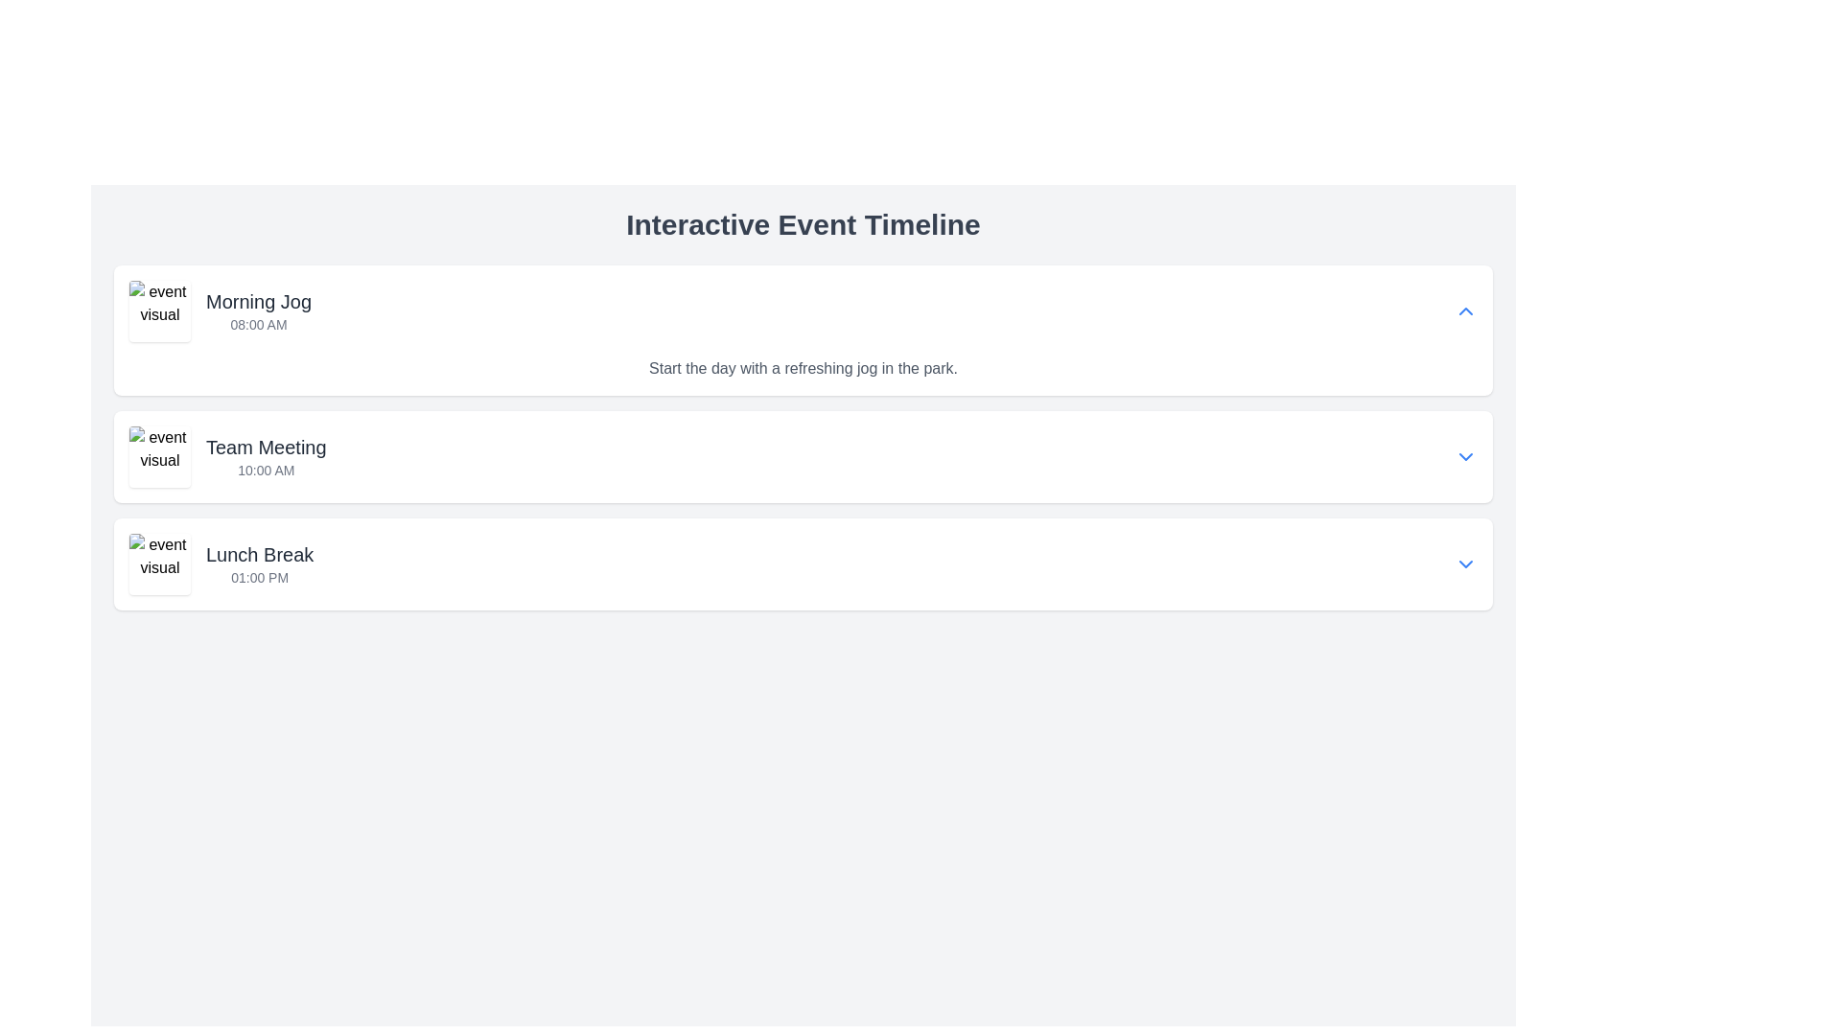 This screenshot has height=1035, width=1841. I want to click on the icon-based button located at the far right of the 'Lunch Break 01:00 PM' schedule item, so click(1465, 563).